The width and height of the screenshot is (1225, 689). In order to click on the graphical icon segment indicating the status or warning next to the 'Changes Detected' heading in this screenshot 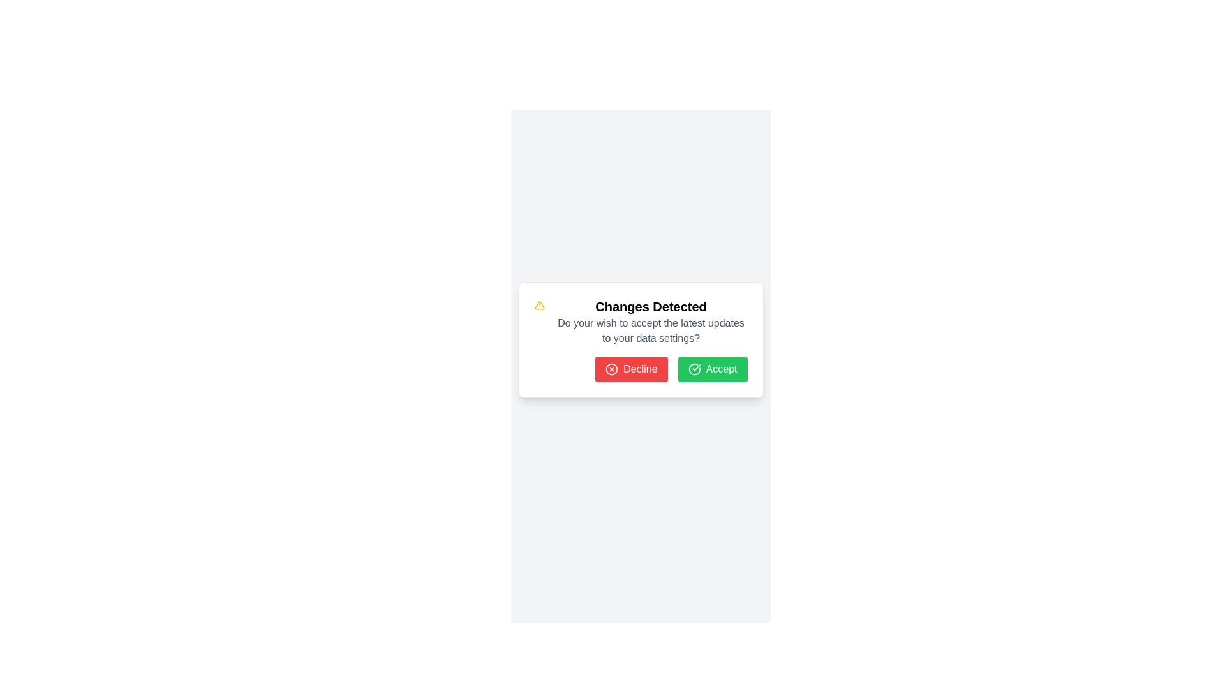, I will do `click(694, 369)`.